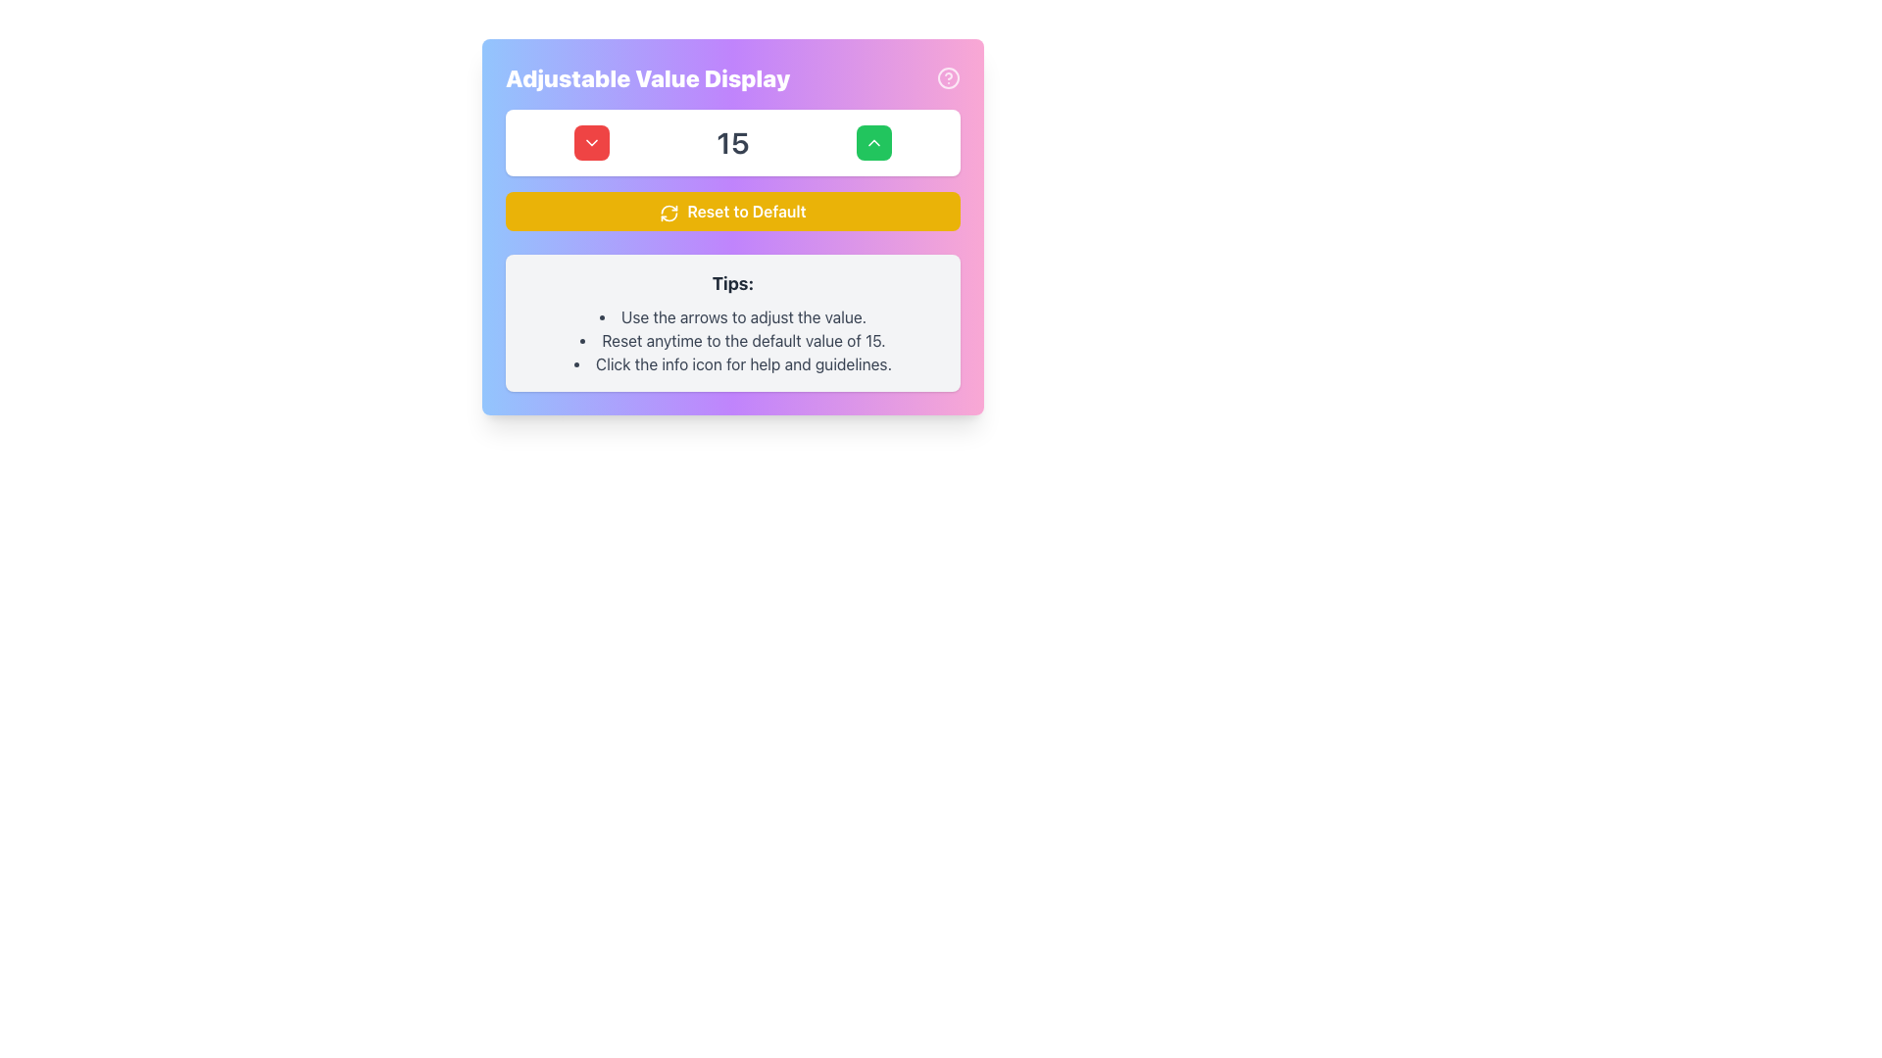  What do you see at coordinates (591, 142) in the screenshot?
I see `the leftmost red button with rounded corners and a white chevron icon to decrease the displayed value from '15'` at bounding box center [591, 142].